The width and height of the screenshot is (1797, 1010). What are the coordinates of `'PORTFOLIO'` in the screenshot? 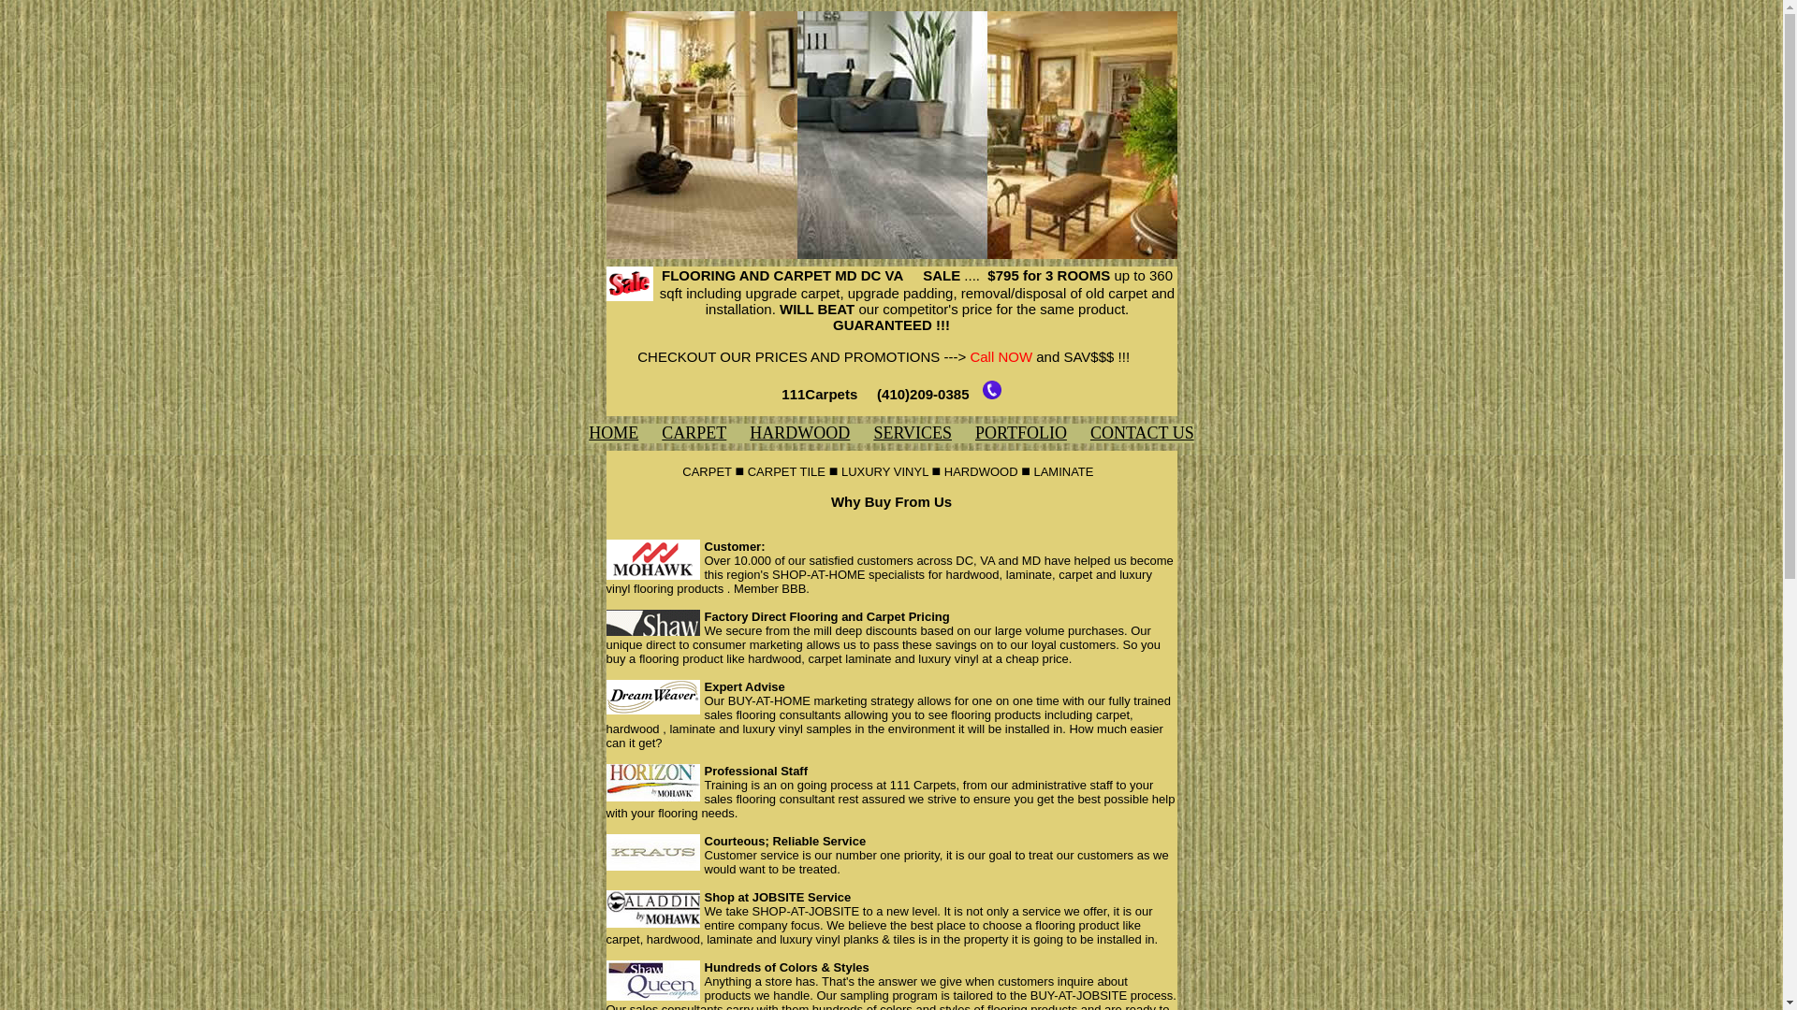 It's located at (1019, 432).